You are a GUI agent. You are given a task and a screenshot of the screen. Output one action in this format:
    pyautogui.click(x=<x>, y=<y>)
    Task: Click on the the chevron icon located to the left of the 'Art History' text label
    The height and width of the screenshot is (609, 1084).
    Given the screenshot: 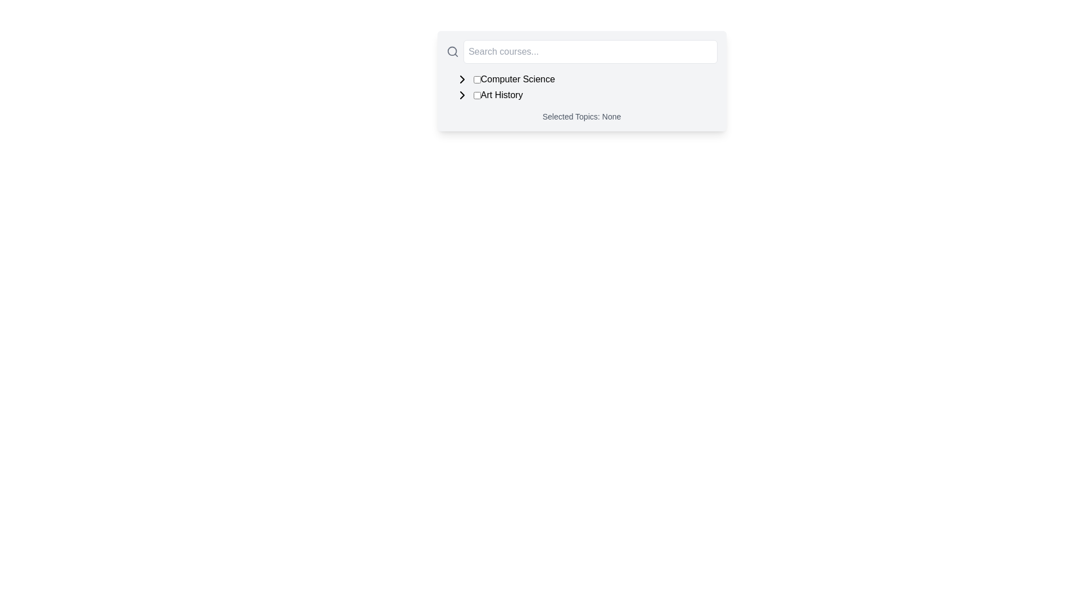 What is the action you would take?
    pyautogui.click(x=462, y=95)
    